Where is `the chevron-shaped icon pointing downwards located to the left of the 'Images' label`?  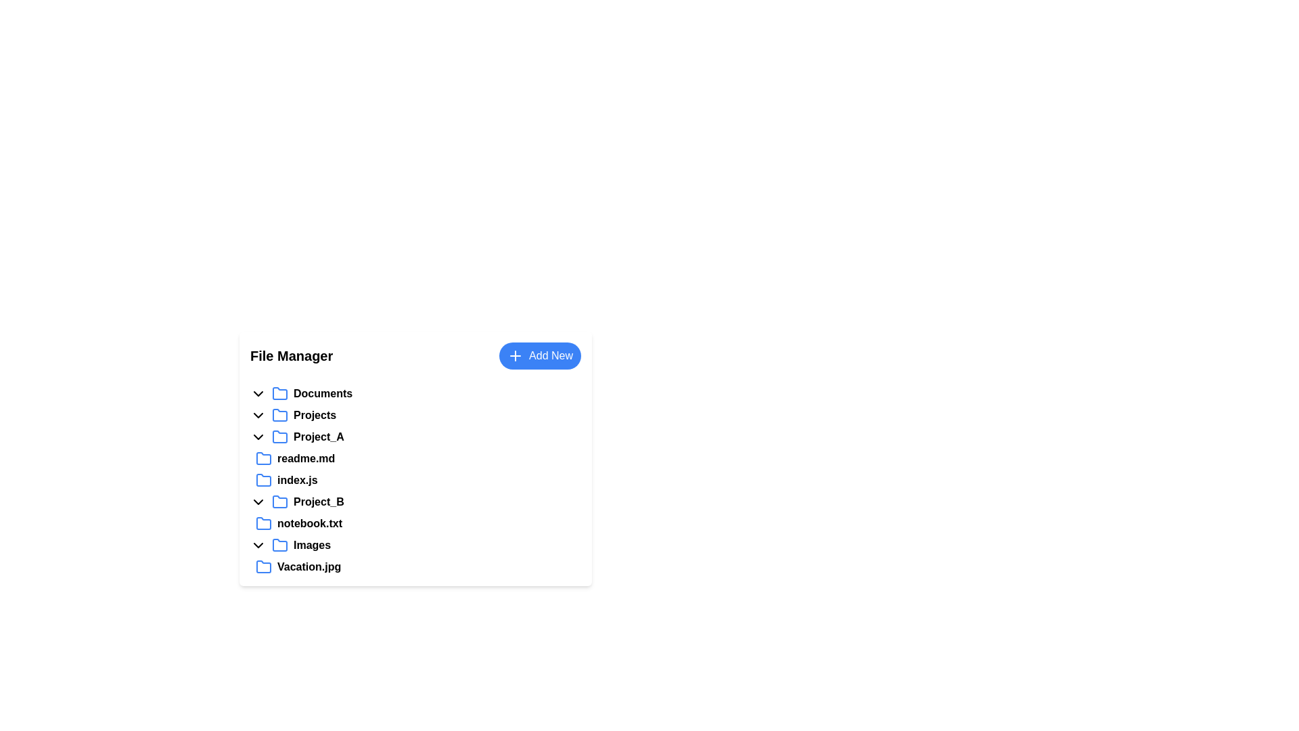
the chevron-shaped icon pointing downwards located to the left of the 'Images' label is located at coordinates (258, 545).